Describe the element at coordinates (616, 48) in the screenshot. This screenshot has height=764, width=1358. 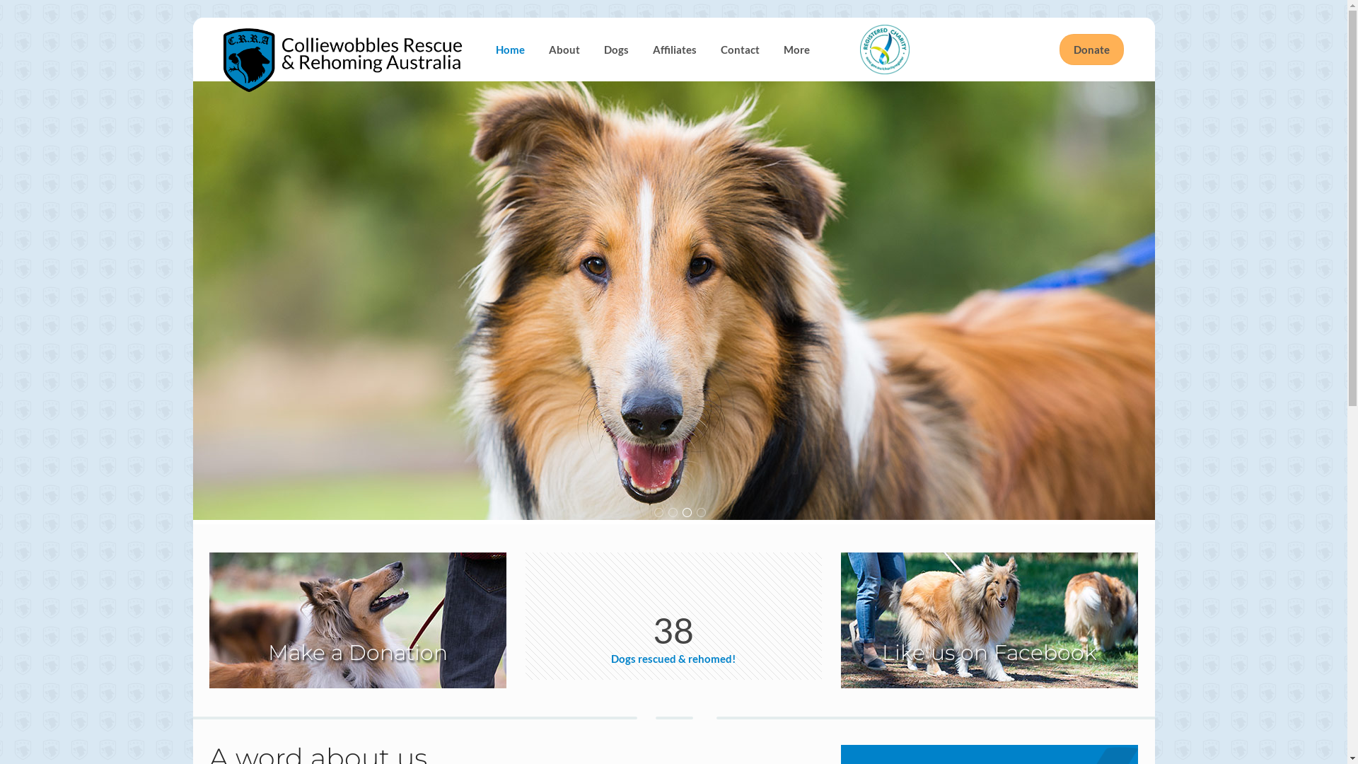
I see `'Dogs'` at that location.